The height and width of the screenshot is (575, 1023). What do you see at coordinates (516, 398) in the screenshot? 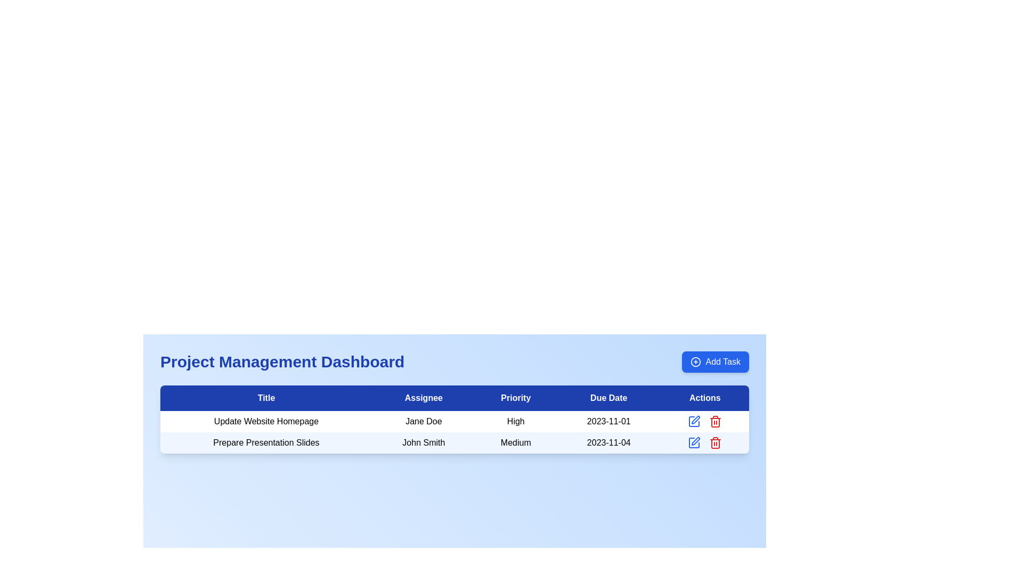
I see `the 'Priority' column header label, which is the third column in the table header row, positioned between 'Assignee' and 'Due Date'` at bounding box center [516, 398].